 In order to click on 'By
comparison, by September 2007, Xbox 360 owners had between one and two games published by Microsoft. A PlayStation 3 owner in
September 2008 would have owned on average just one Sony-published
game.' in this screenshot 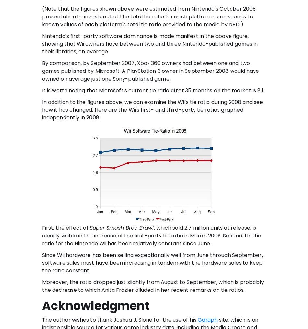, I will do `click(150, 71)`.